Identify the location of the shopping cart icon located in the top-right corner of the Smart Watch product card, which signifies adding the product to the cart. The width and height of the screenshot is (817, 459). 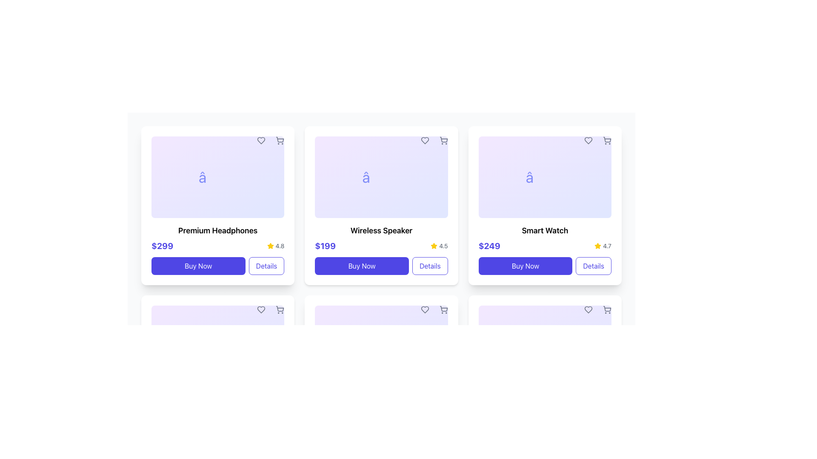
(607, 309).